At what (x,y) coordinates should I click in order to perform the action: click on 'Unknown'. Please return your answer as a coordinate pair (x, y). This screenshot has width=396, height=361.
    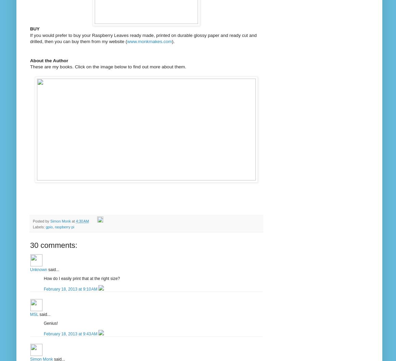
    Looking at the image, I should click on (39, 269).